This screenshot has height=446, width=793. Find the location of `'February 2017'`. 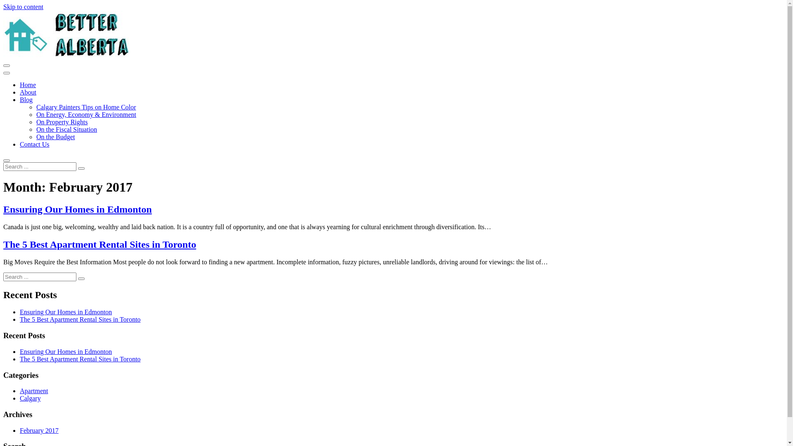

'February 2017' is located at coordinates (39, 430).